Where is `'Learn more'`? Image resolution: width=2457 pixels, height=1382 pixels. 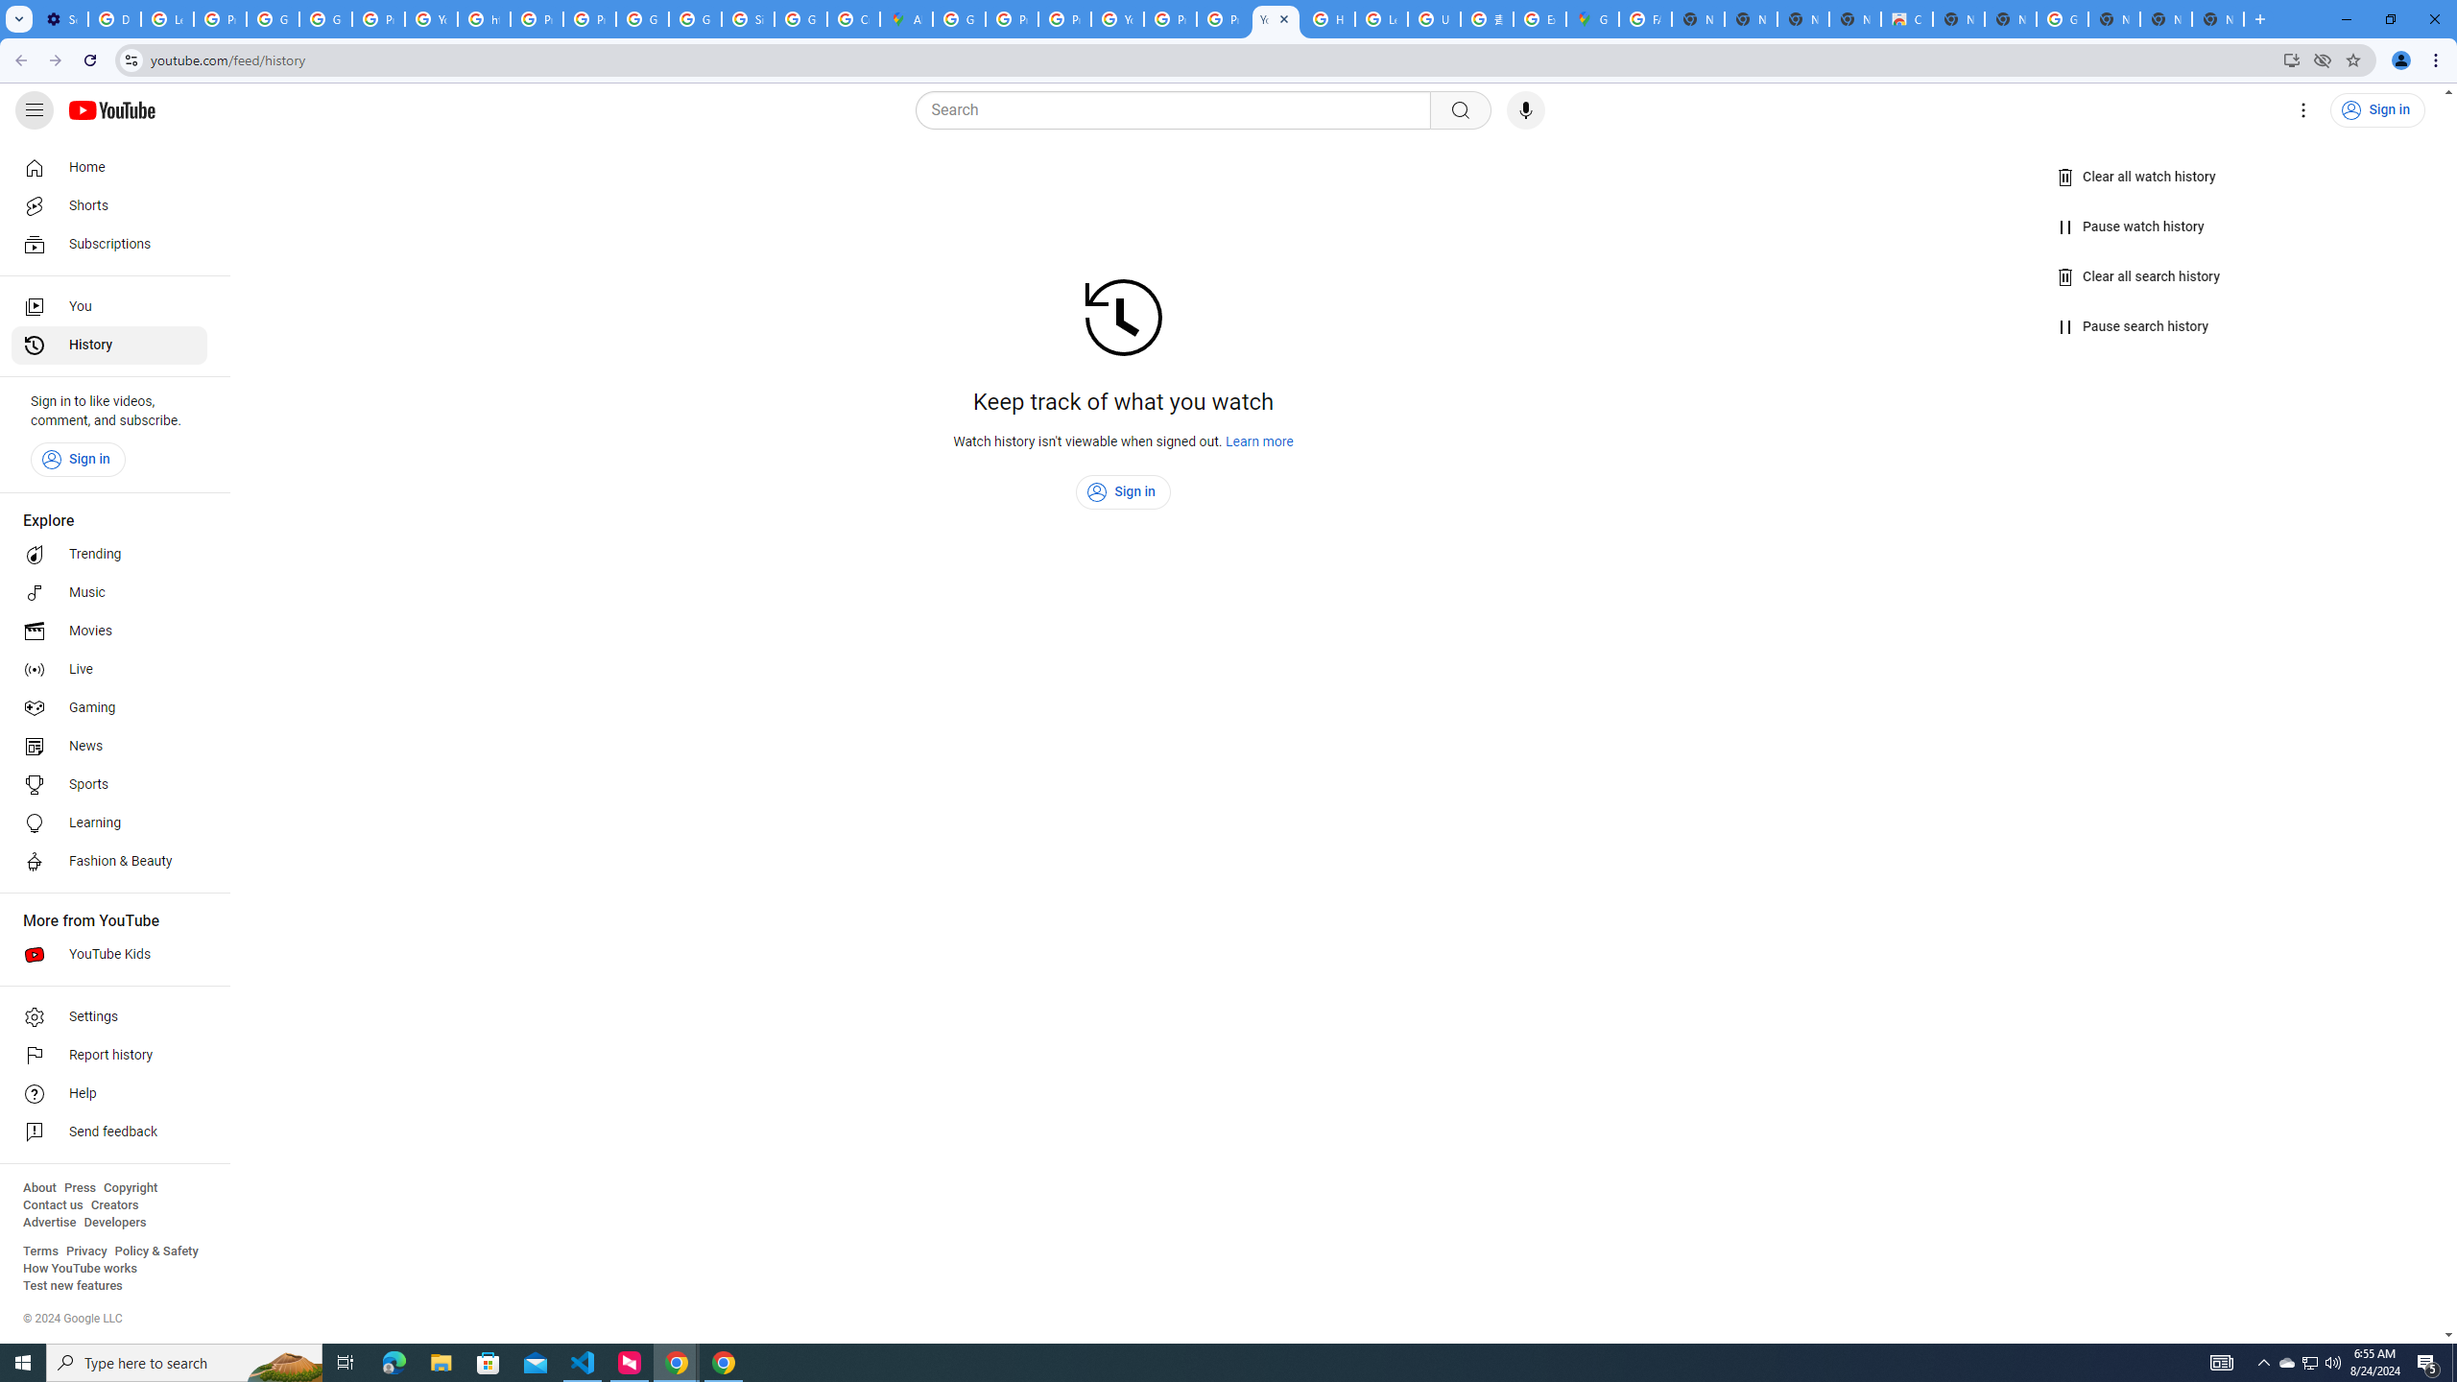 'Learn more' is located at coordinates (1259, 441).